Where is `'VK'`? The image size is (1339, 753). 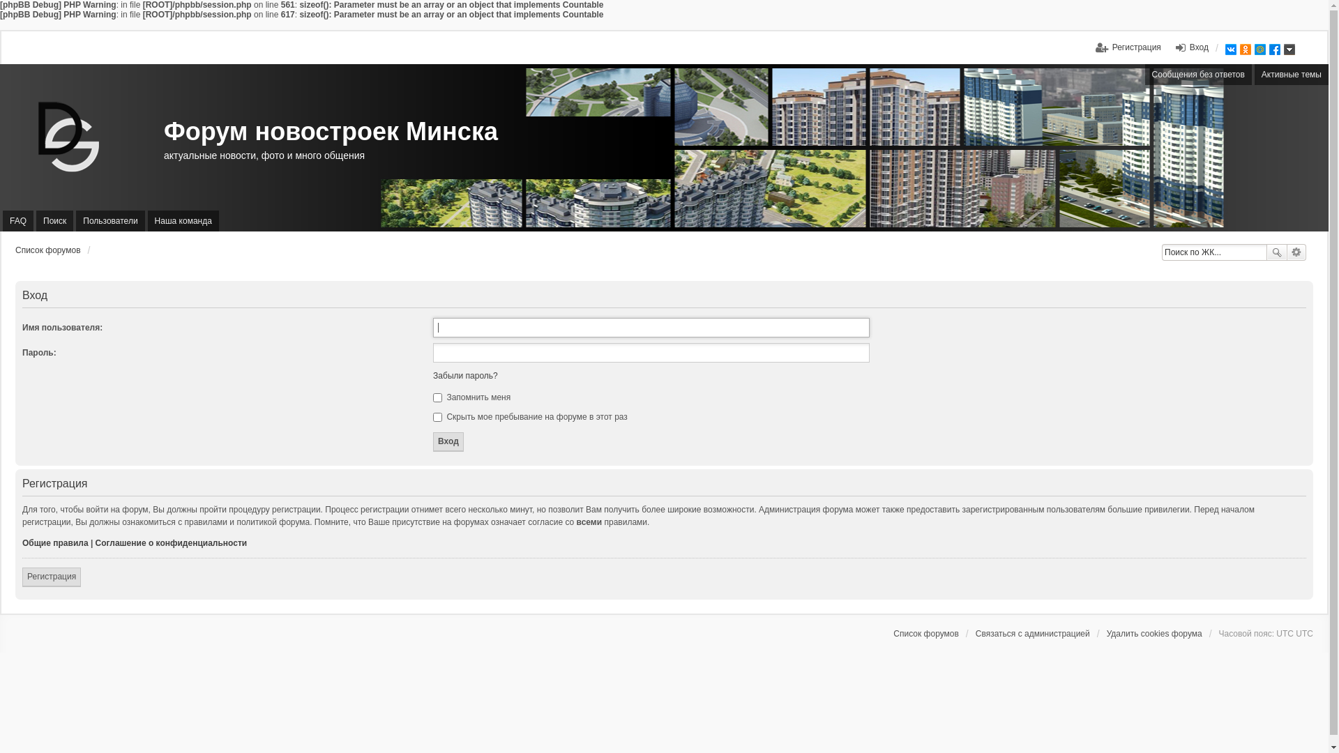 'VK' is located at coordinates (1231, 48).